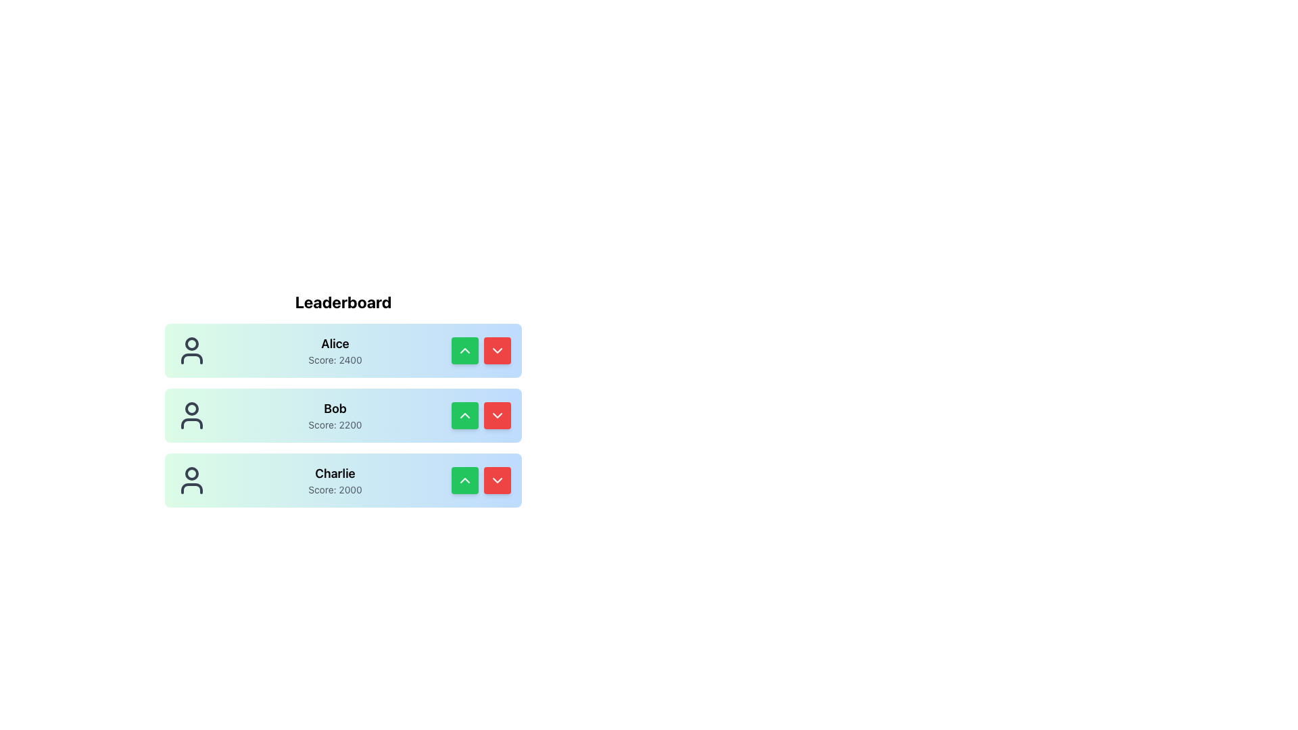 Image resolution: width=1298 pixels, height=730 pixels. I want to click on the lower part of the user silhouette in the profile icon on the leaderboard interface, which is represented as a rounded rectangle with smooth edges, so click(191, 358).